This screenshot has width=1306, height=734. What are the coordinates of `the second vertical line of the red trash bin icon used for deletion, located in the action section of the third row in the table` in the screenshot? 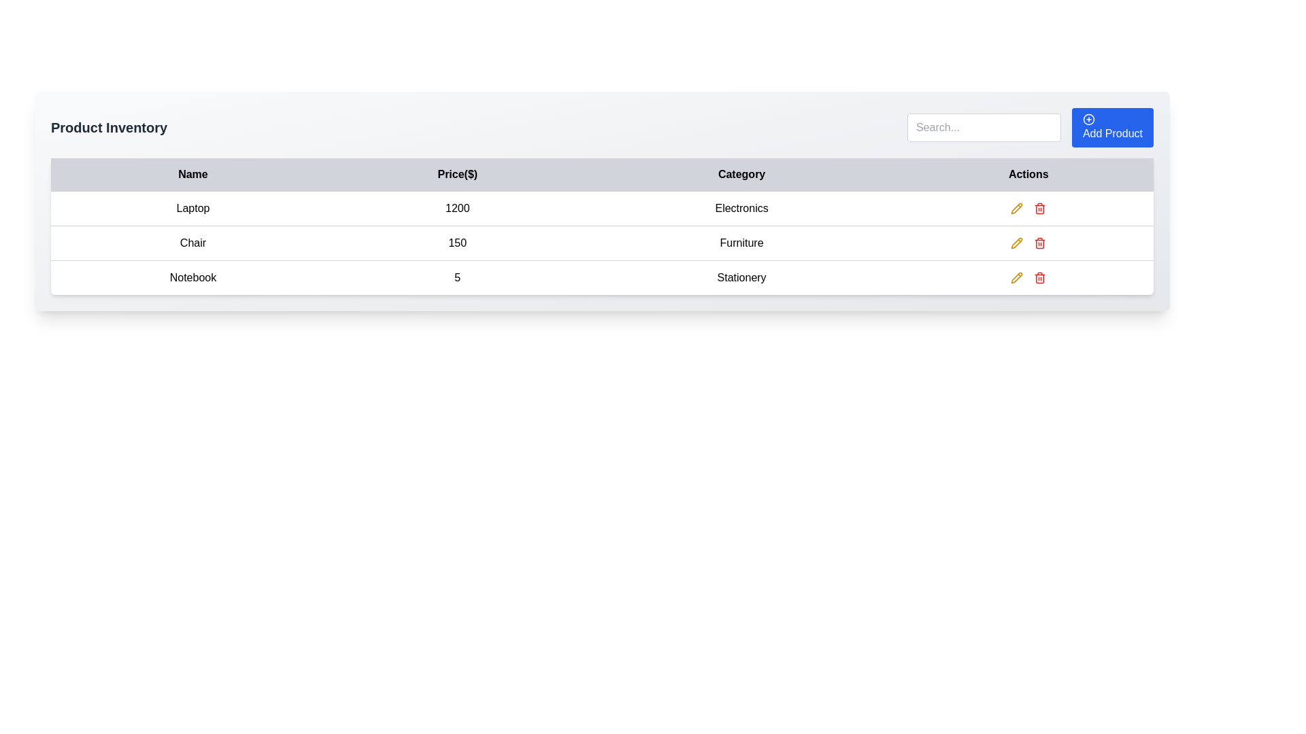 It's located at (1039, 209).